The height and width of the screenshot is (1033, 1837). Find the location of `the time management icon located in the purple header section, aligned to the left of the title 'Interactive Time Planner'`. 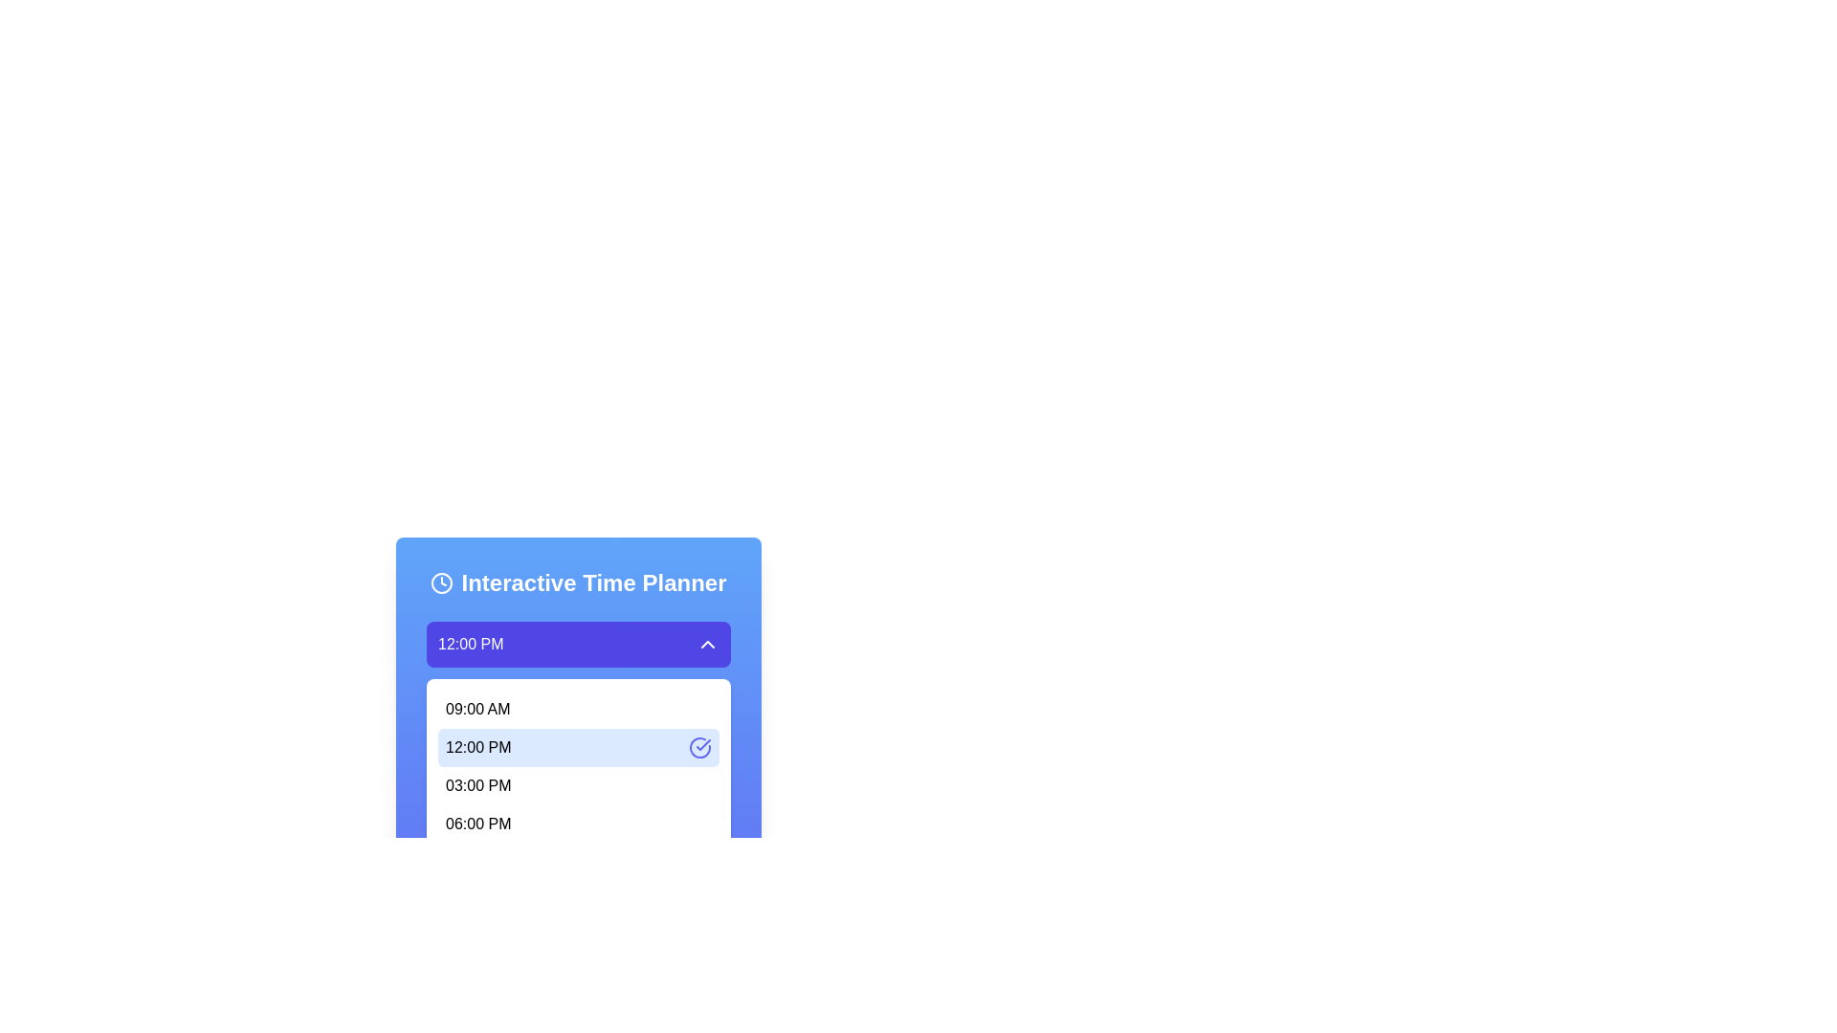

the time management icon located in the purple header section, aligned to the left of the title 'Interactive Time Planner' is located at coordinates (441, 582).